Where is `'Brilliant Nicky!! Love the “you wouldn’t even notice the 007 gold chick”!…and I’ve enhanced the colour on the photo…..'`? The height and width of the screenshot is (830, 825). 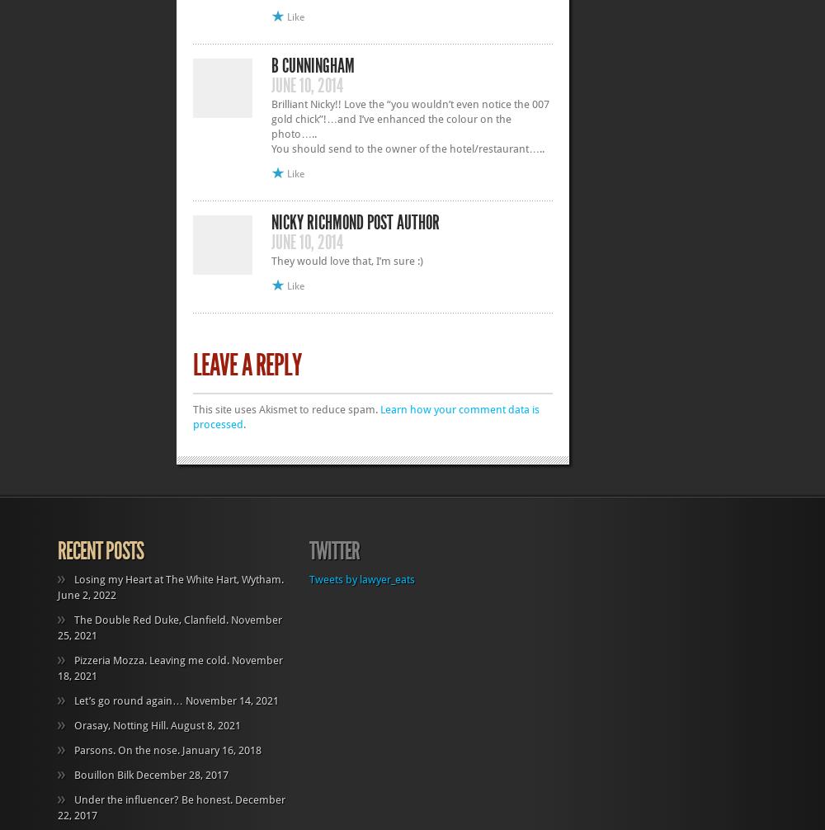
'Brilliant Nicky!! Love the “you wouldn’t even notice the 007 gold chick”!…and I’ve enhanced the colour on the photo…..' is located at coordinates (409, 118).